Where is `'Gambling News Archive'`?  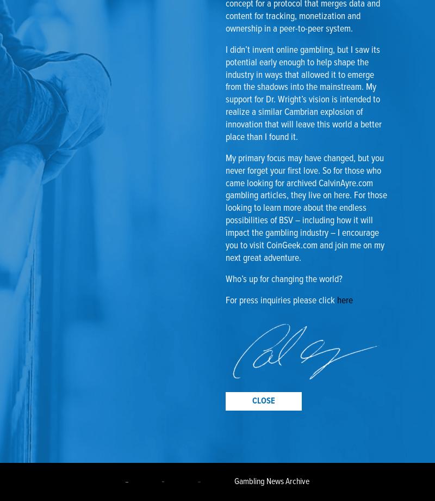 'Gambling News Archive' is located at coordinates (234, 481).